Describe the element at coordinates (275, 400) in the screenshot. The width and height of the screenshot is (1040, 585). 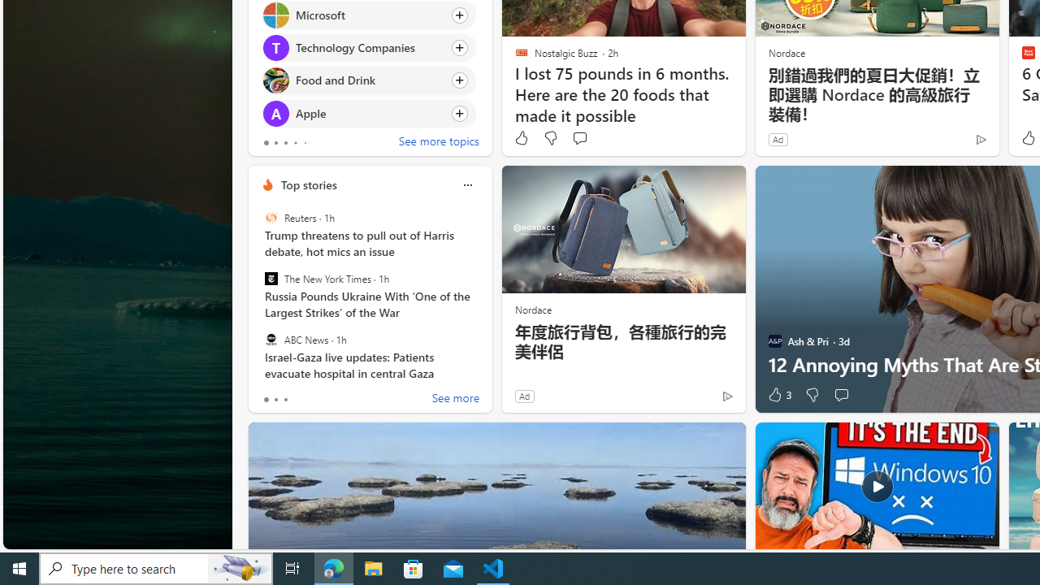
I see `'tab-1'` at that location.